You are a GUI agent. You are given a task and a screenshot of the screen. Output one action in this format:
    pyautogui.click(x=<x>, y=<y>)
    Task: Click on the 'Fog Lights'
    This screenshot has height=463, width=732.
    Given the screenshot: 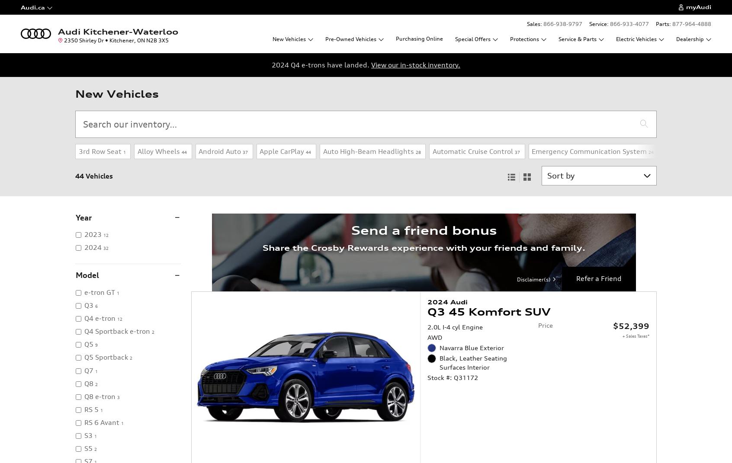 What is the action you would take?
    pyautogui.click(x=682, y=150)
    